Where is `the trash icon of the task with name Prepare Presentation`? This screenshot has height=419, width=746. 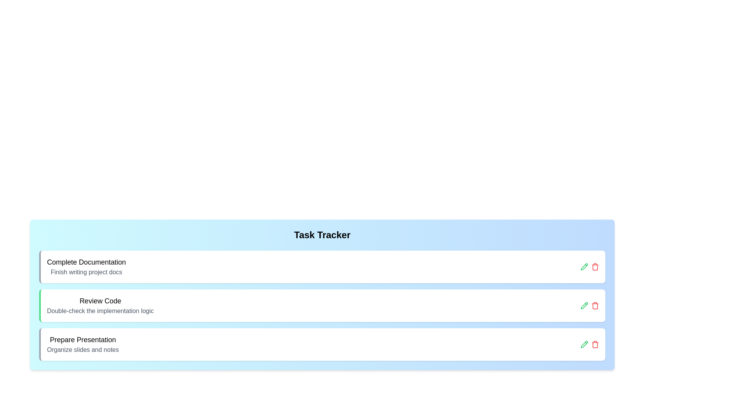 the trash icon of the task with name Prepare Presentation is located at coordinates (594, 344).